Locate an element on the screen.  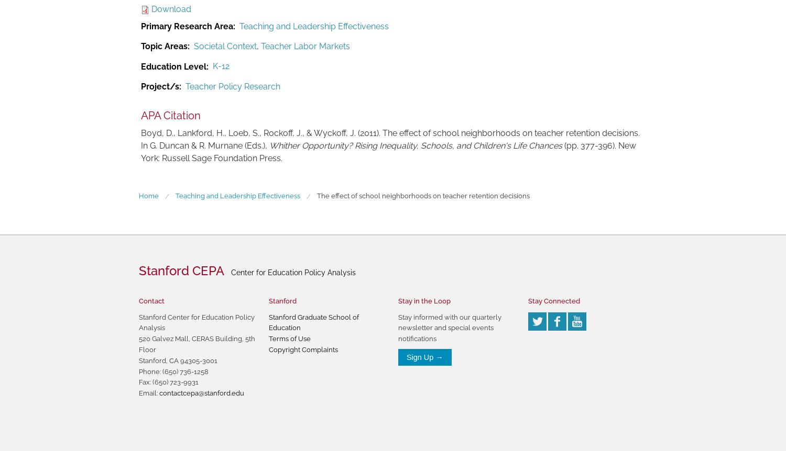
'Stanford, CA 94305-3001' is located at coordinates (178, 359).